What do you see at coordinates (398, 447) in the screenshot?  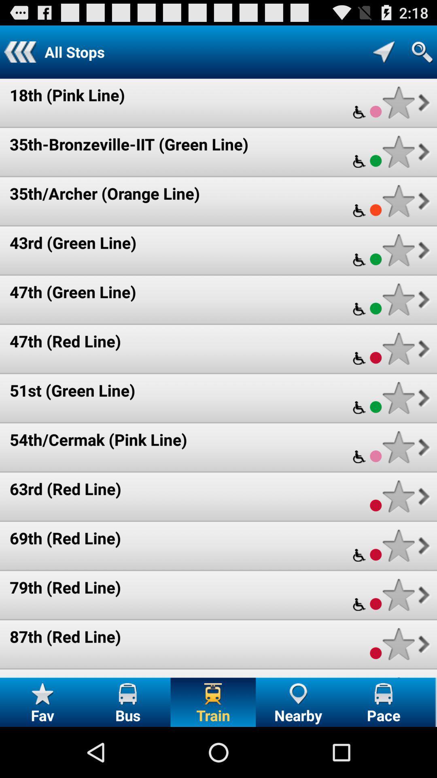 I see `favorite` at bounding box center [398, 447].